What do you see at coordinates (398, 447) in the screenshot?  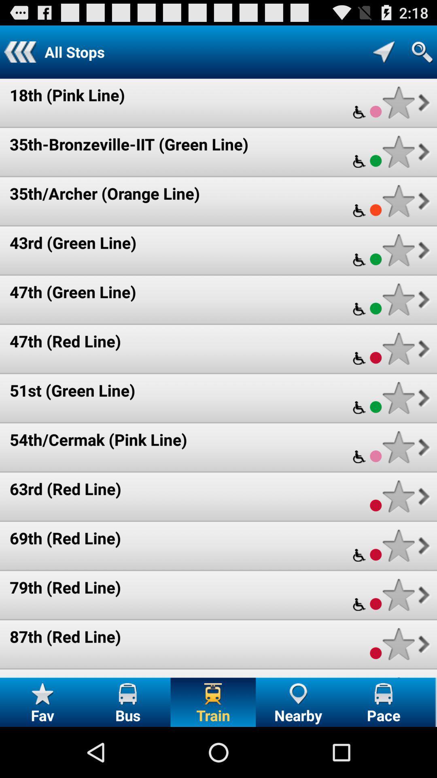 I see `favorite` at bounding box center [398, 447].